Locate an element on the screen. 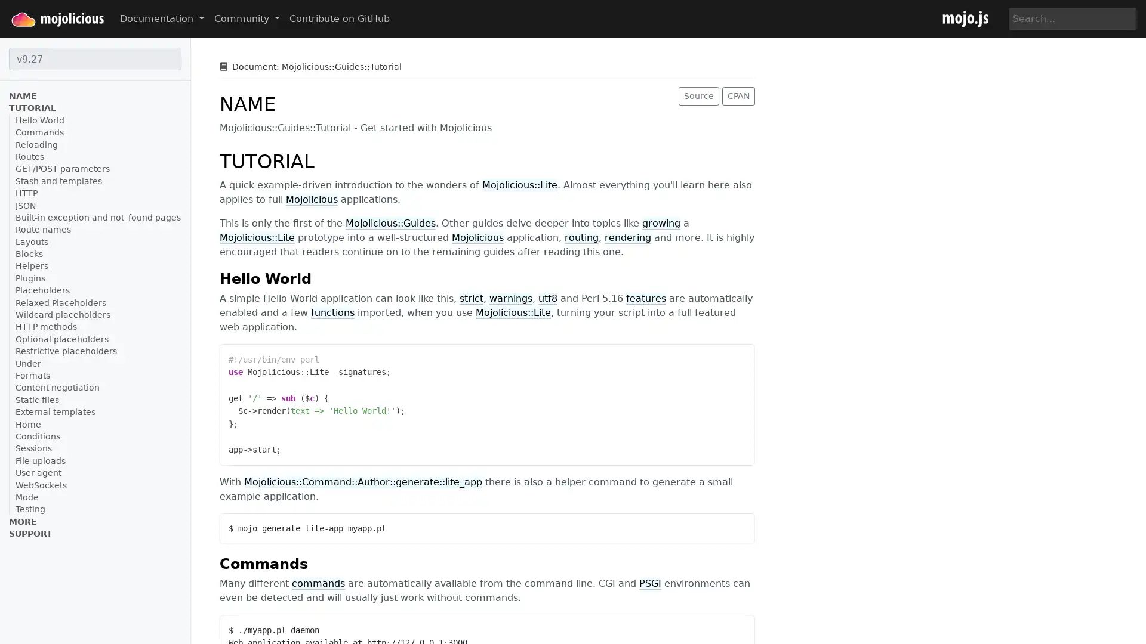 The image size is (1146, 644). CPAN is located at coordinates (738, 95).